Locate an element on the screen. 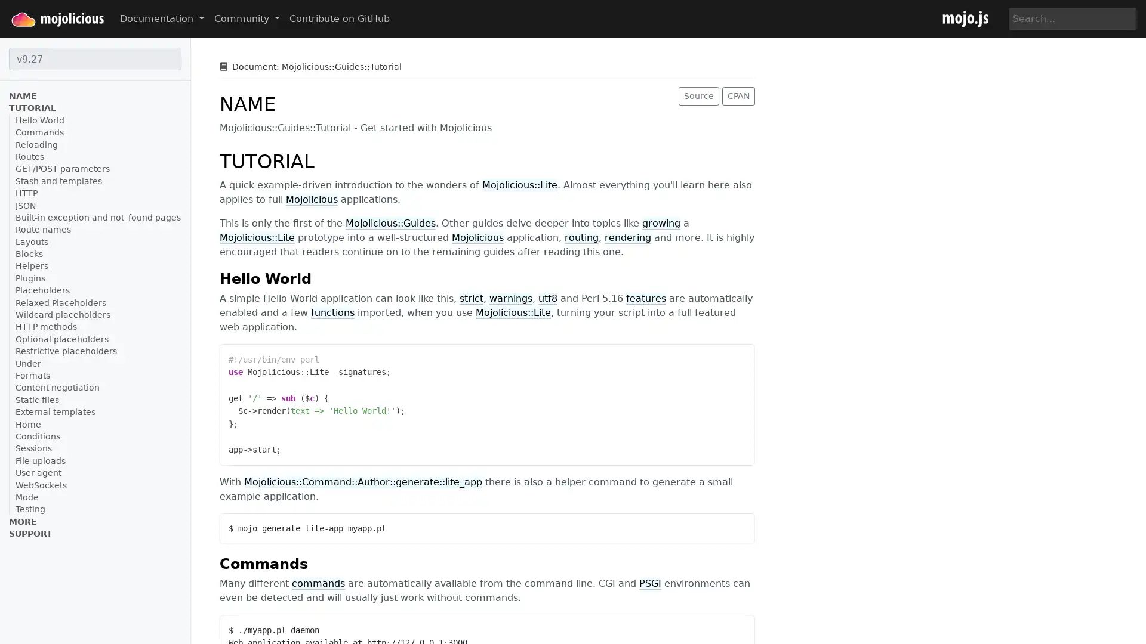 The image size is (1146, 644). CPAN is located at coordinates (738, 95).